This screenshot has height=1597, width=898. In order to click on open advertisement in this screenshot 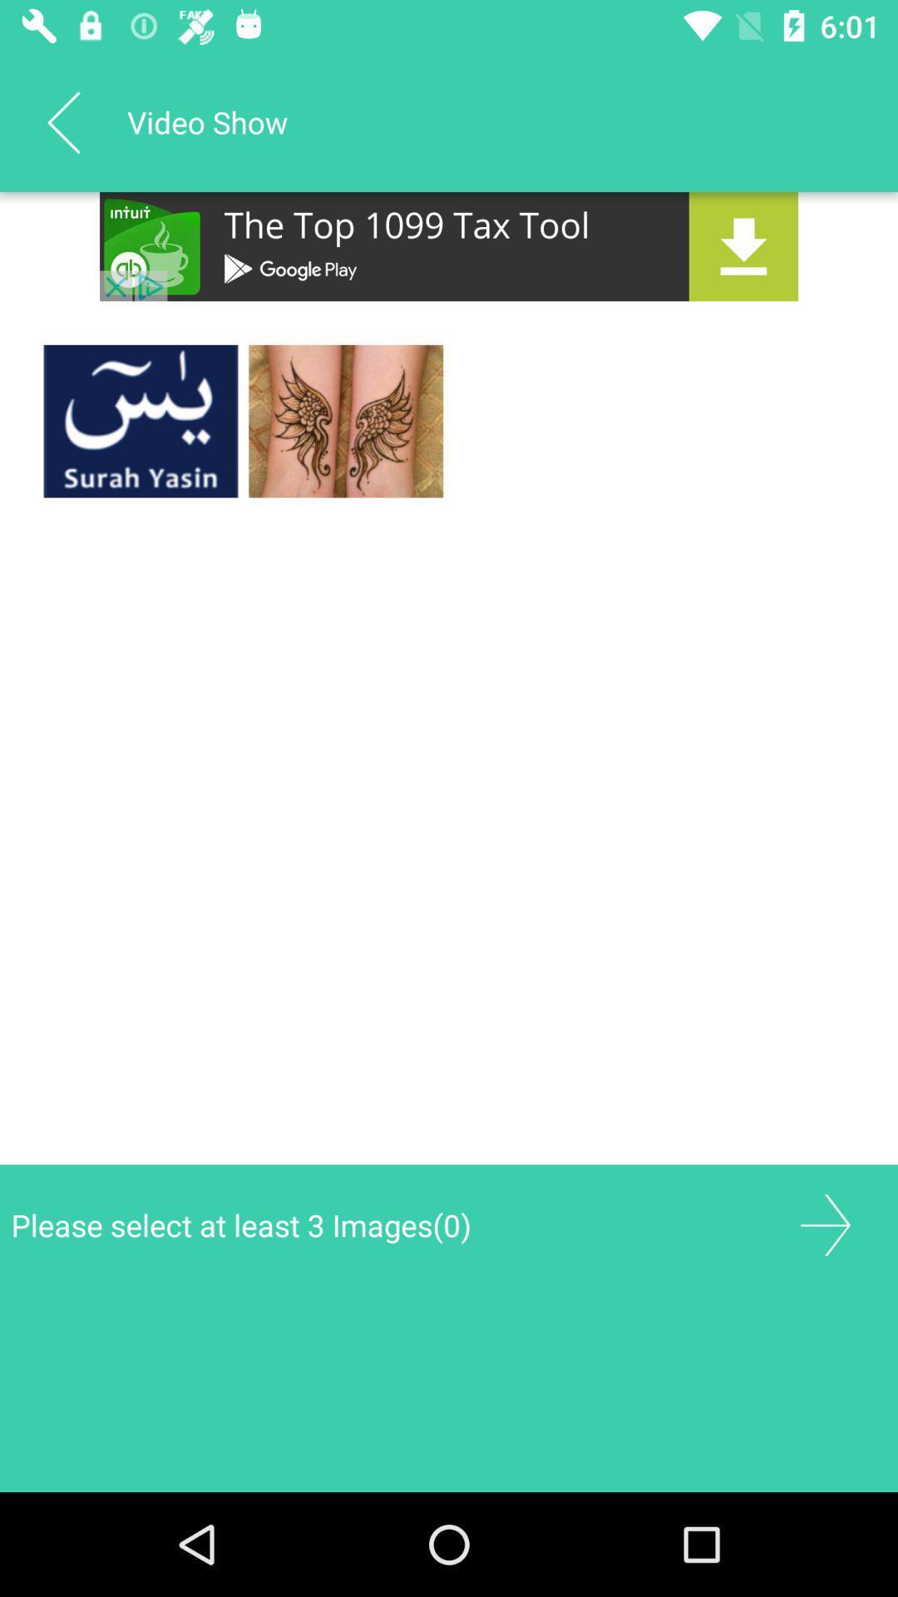, I will do `click(449, 245)`.